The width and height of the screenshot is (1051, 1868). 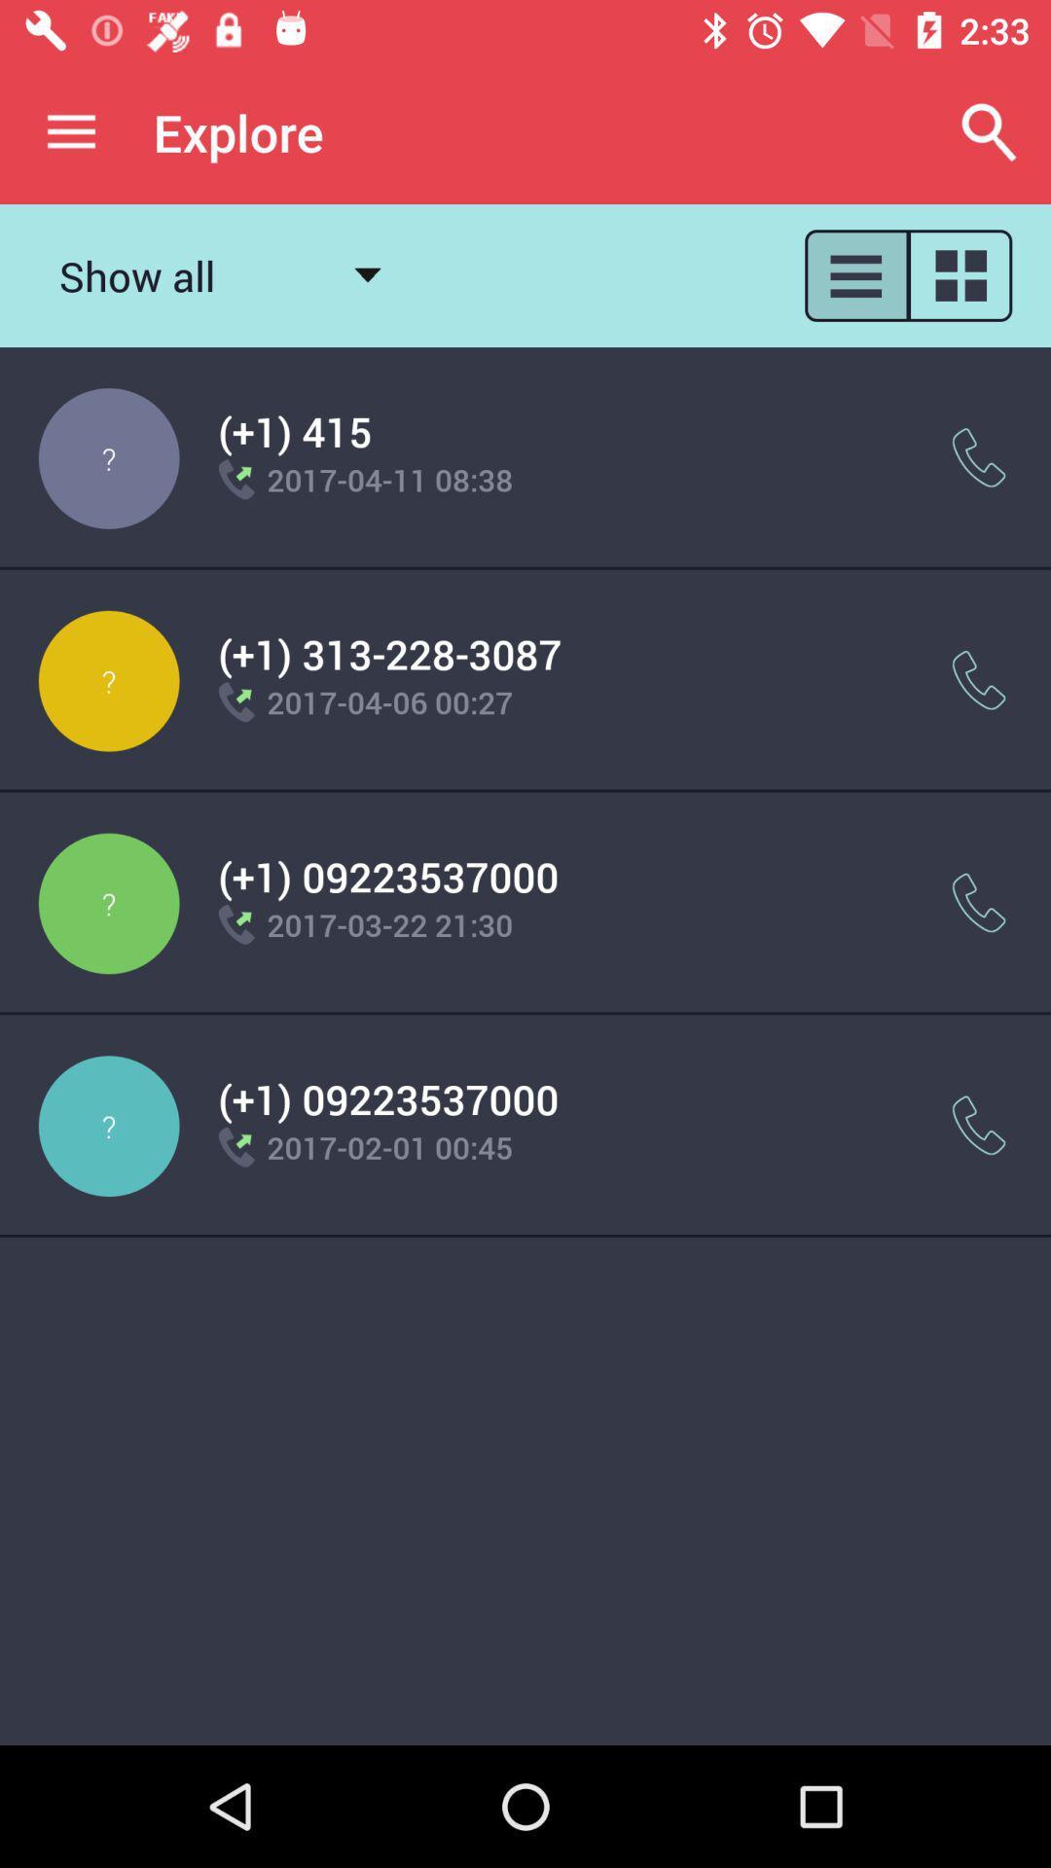 What do you see at coordinates (979, 902) in the screenshot?
I see `item to the right of the (+1) 09223537000 icon` at bounding box center [979, 902].